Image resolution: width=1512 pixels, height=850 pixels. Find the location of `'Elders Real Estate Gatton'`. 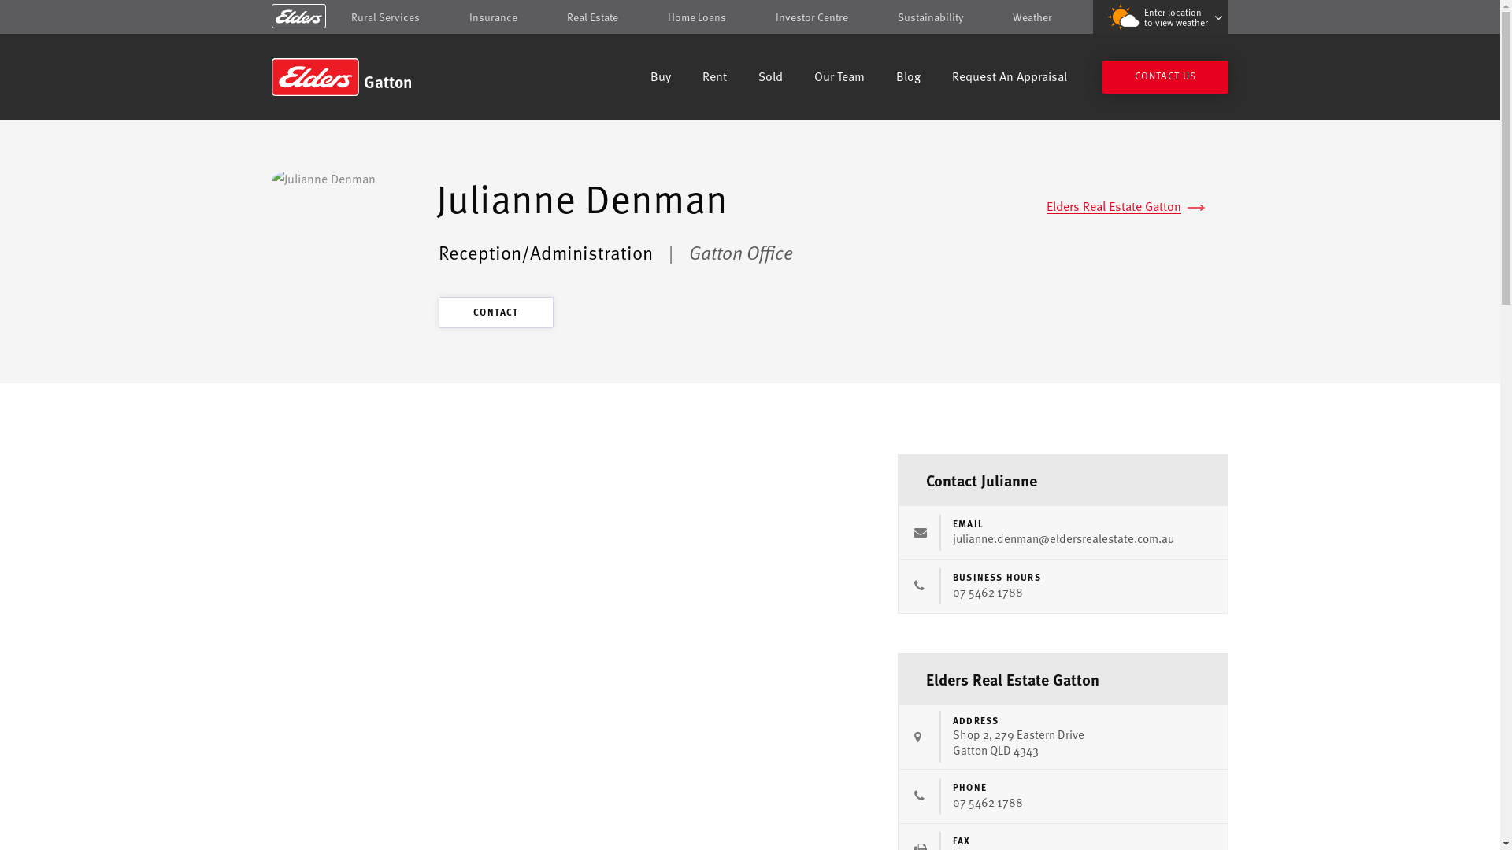

'Elders Real Estate Gatton' is located at coordinates (1047, 205).